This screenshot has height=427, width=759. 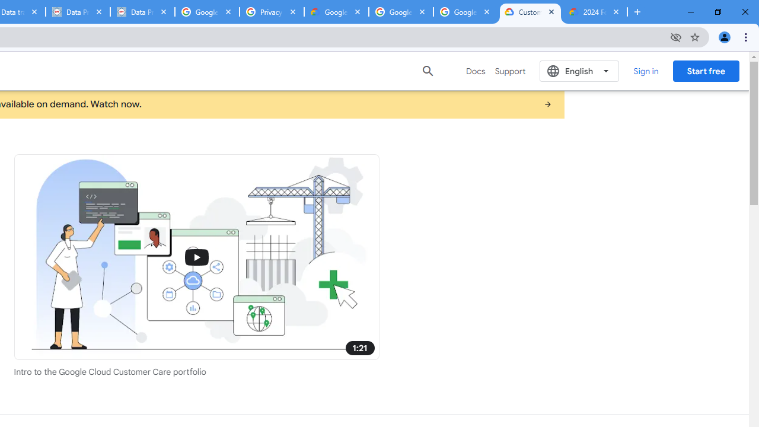 What do you see at coordinates (476, 71) in the screenshot?
I see `'Docs'` at bounding box center [476, 71].